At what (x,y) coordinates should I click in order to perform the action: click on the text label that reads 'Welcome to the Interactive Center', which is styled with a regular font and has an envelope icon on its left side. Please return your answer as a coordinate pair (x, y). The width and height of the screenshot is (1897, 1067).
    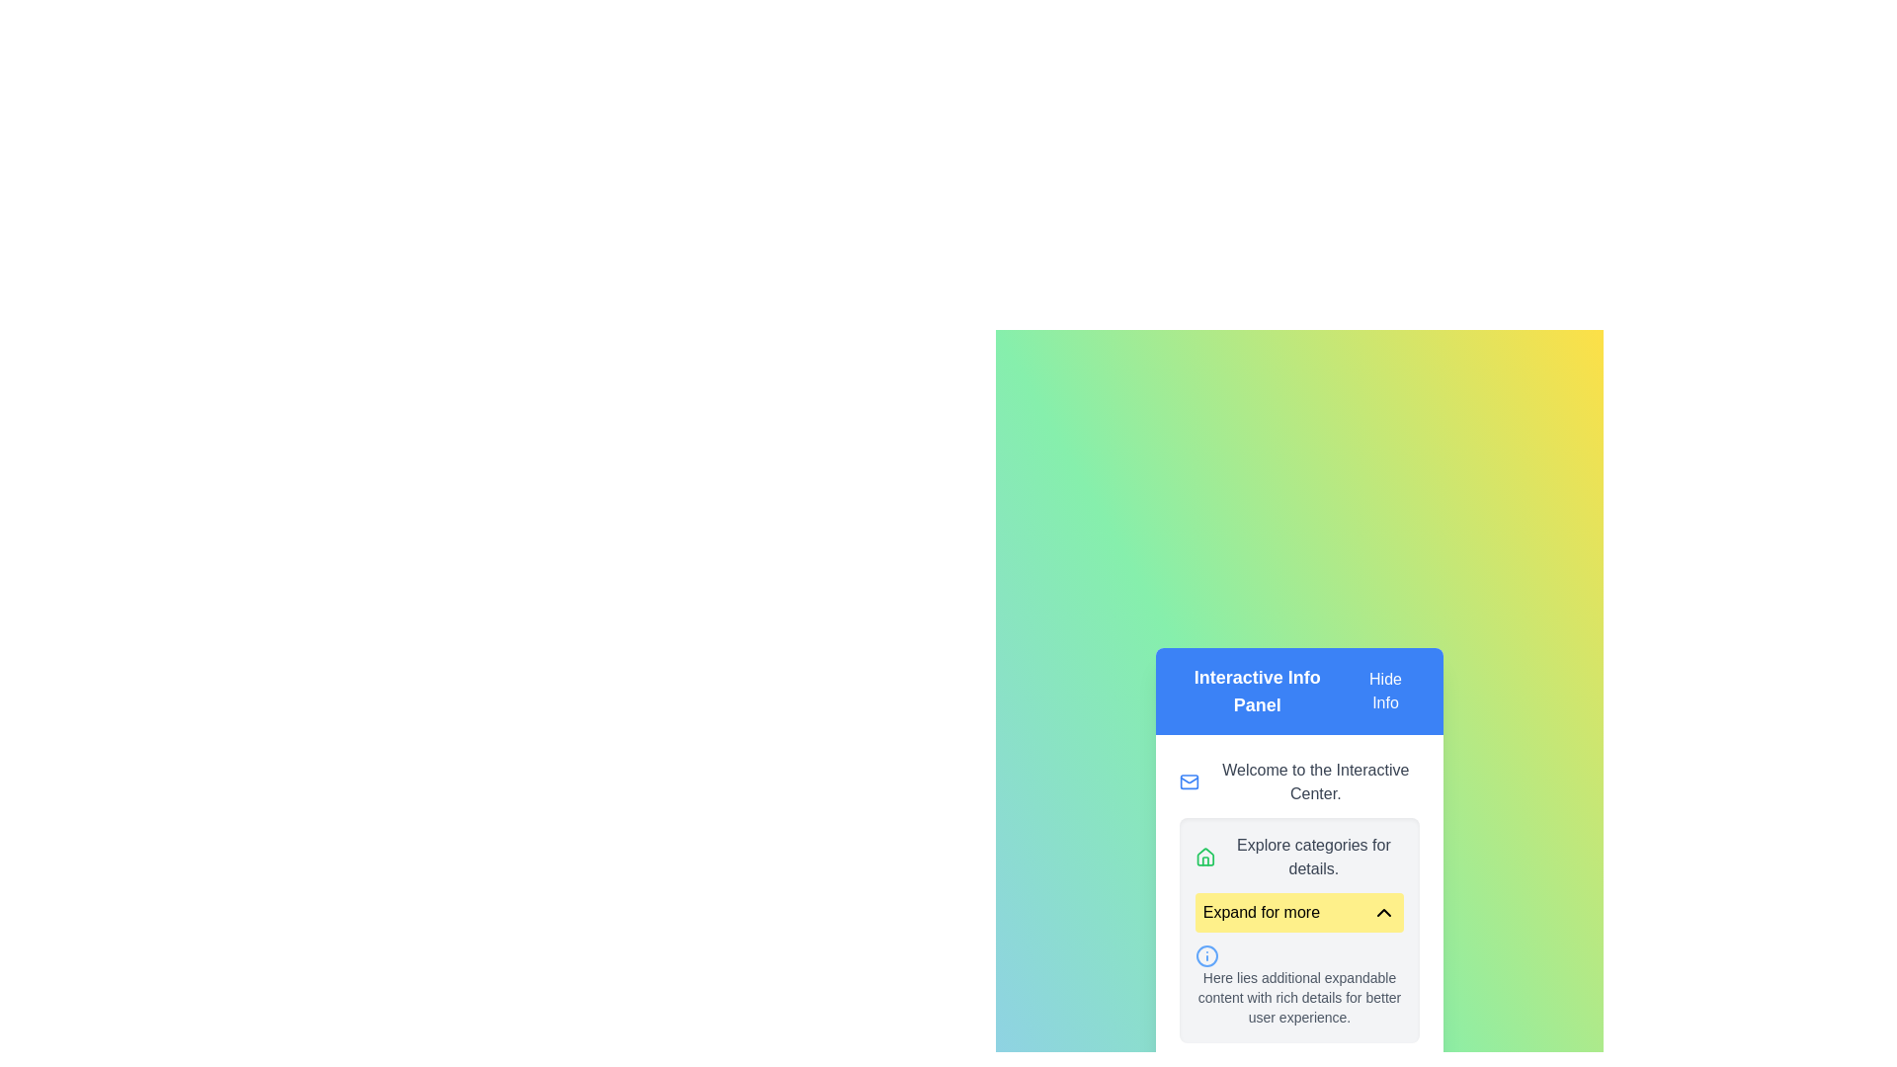
    Looking at the image, I should click on (1299, 780).